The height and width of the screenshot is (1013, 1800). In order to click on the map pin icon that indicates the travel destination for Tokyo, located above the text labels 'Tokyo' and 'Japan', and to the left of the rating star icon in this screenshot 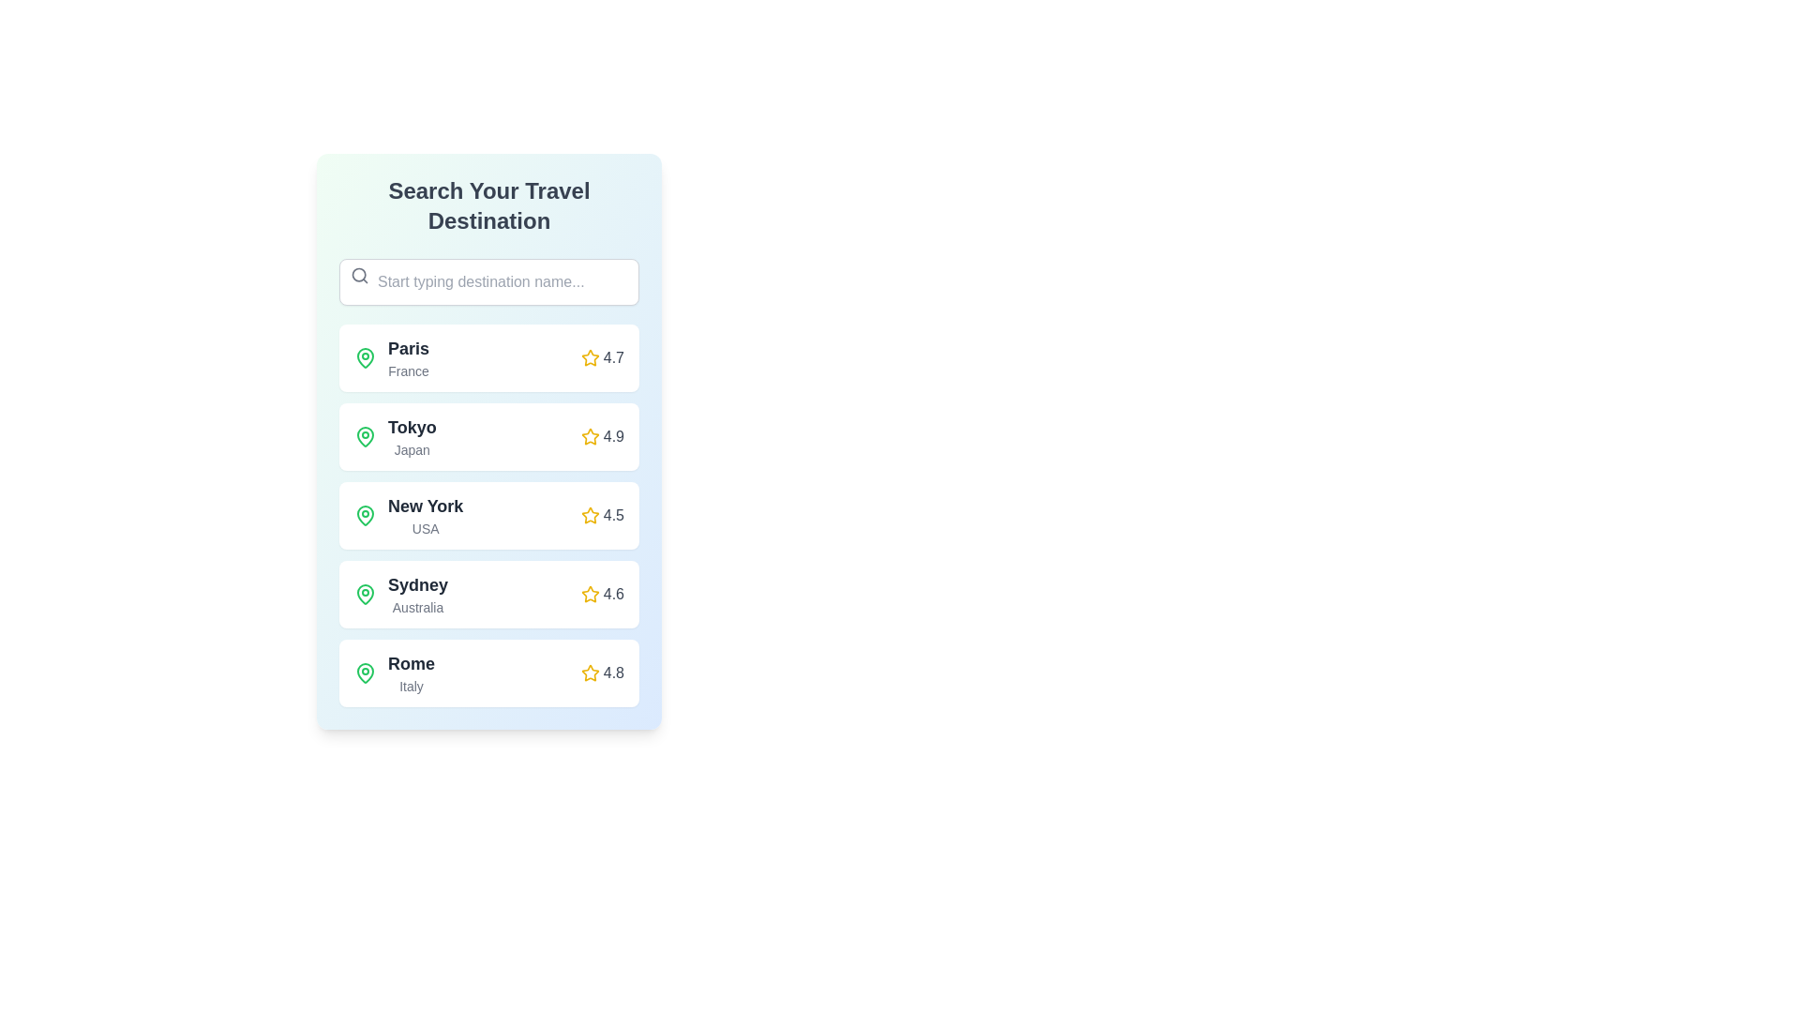, I will do `click(365, 436)`.